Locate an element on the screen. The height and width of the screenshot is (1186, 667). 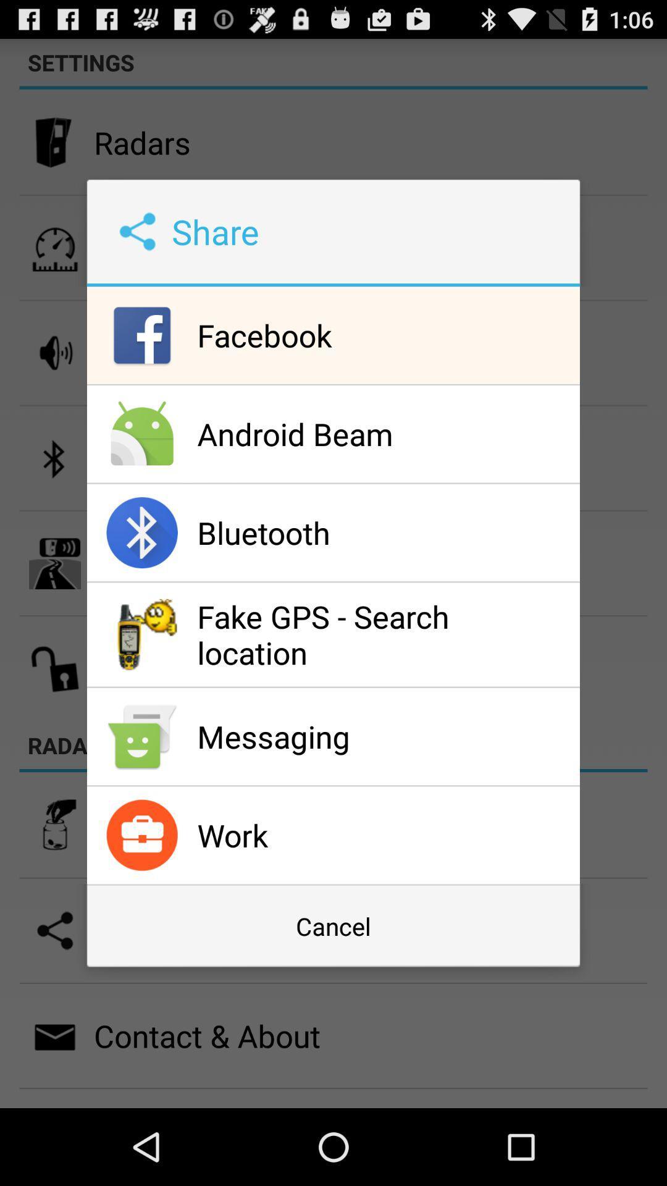
the icon above the fake gps search app is located at coordinates (385, 532).